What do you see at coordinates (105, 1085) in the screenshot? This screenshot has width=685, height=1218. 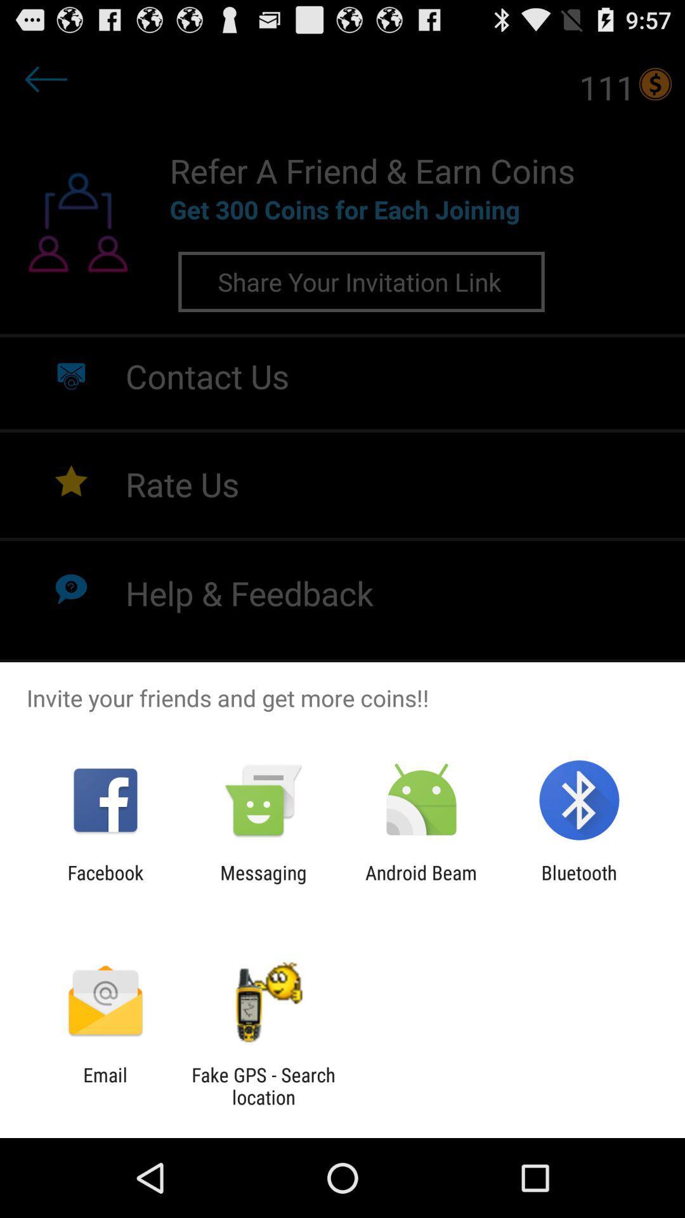 I see `email app` at bounding box center [105, 1085].